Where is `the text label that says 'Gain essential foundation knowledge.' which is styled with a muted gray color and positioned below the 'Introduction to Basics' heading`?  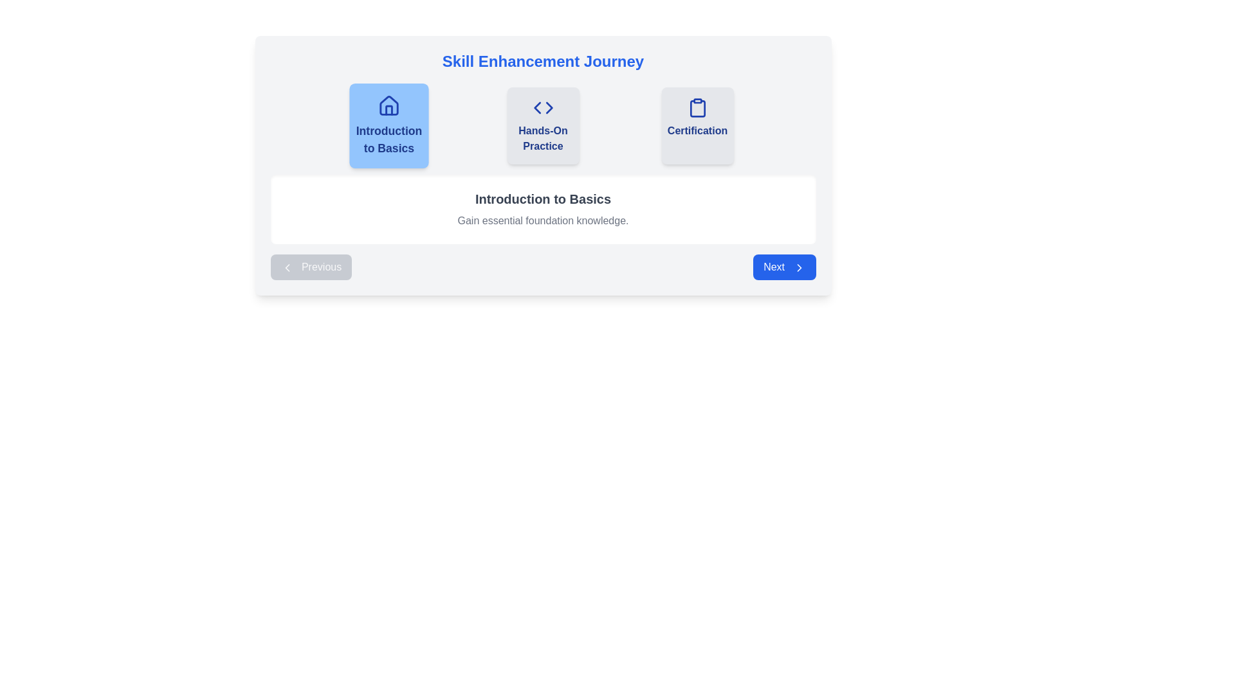 the text label that says 'Gain essential foundation knowledge.' which is styled with a muted gray color and positioned below the 'Introduction to Basics' heading is located at coordinates (543, 220).